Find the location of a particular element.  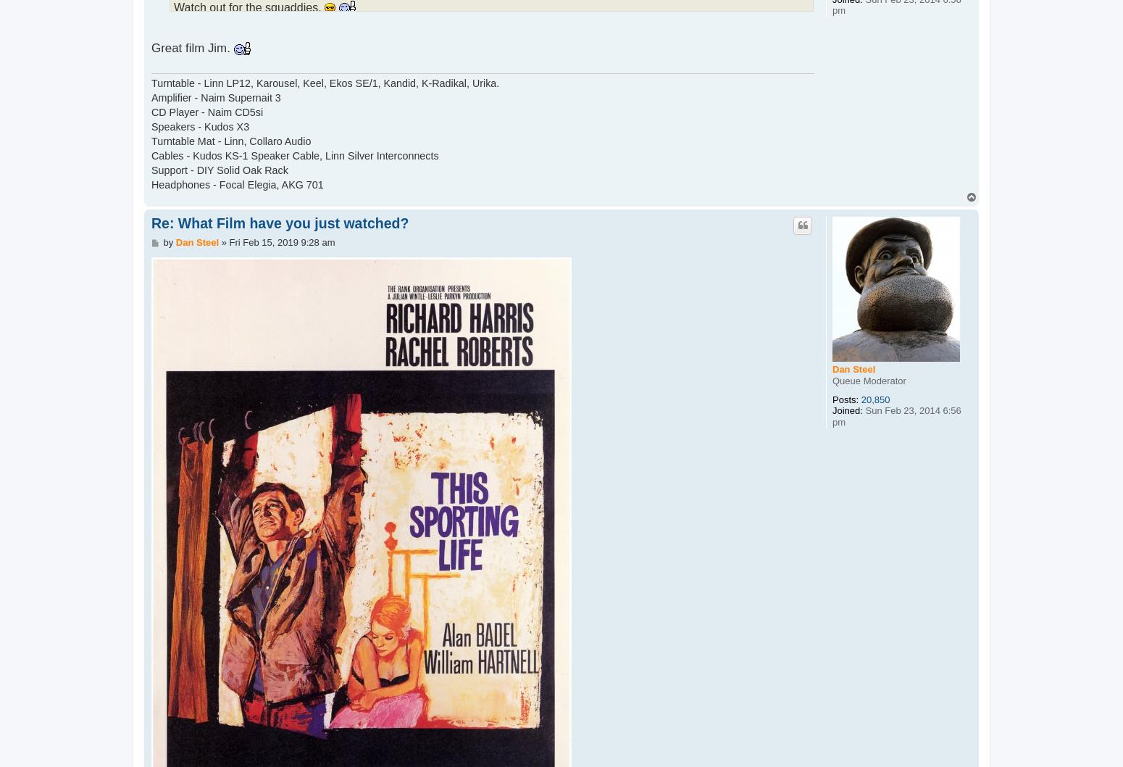

'Queue Moderator' is located at coordinates (869, 379).